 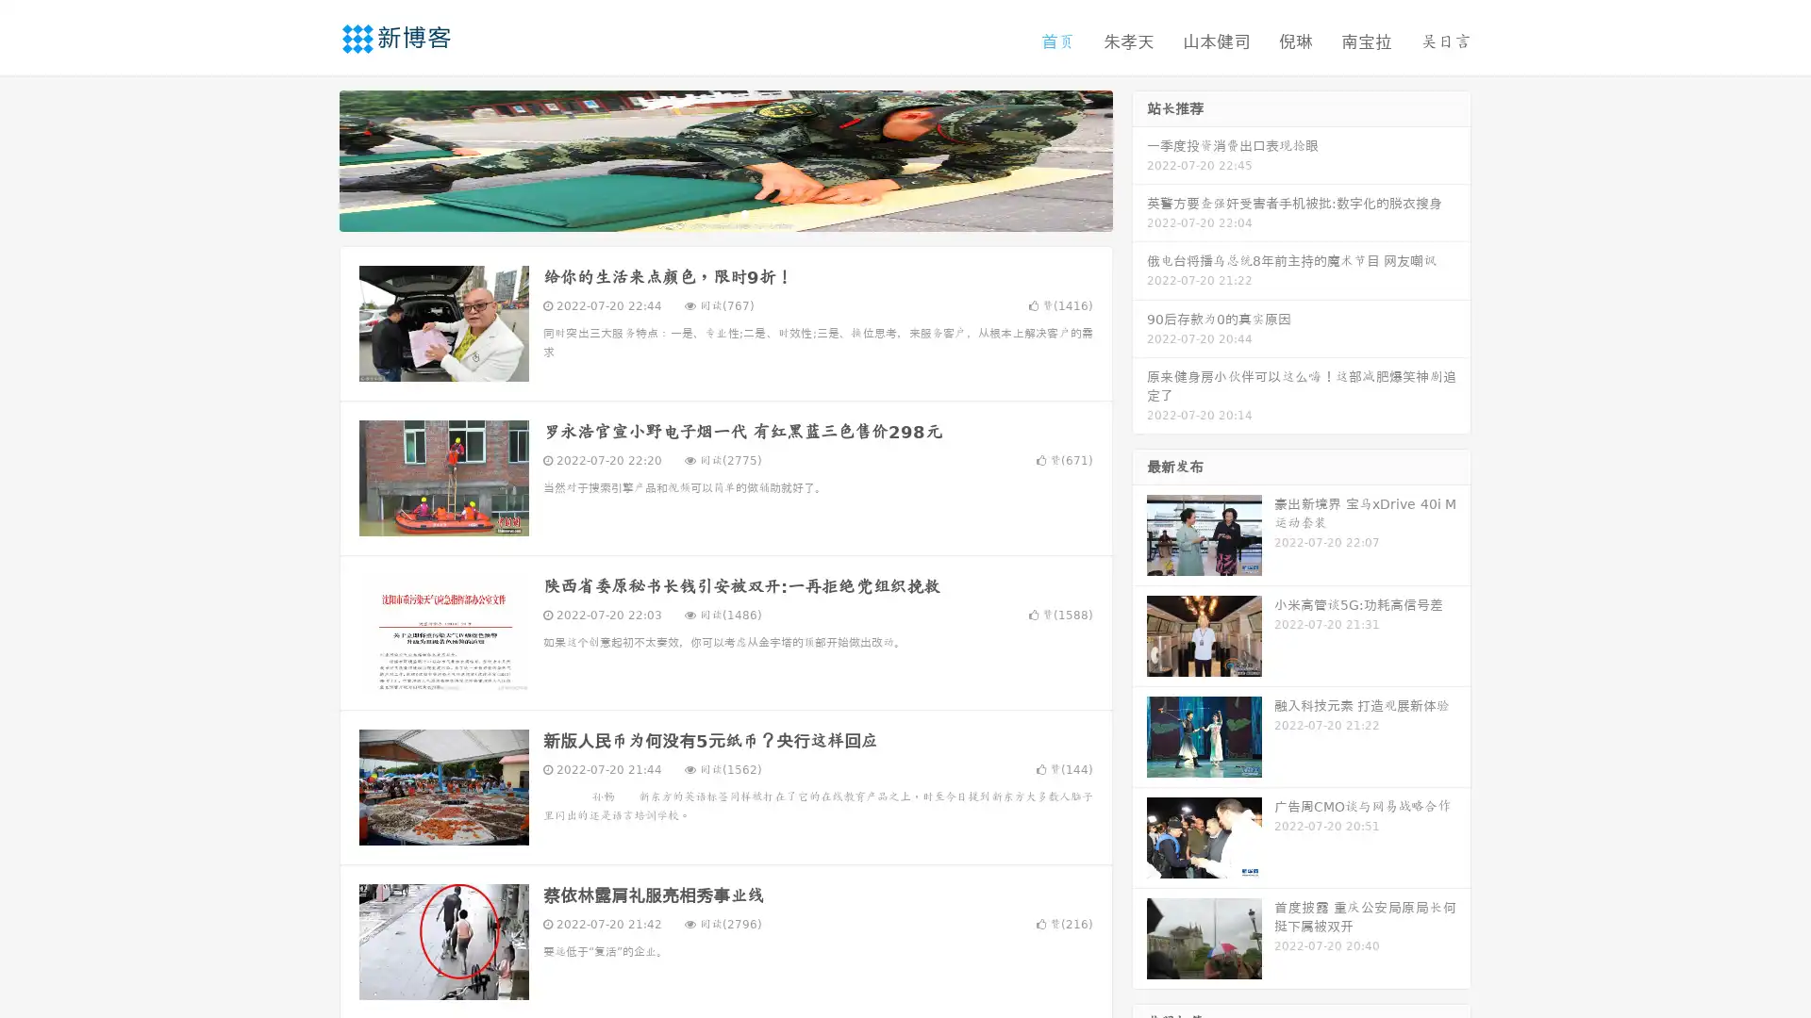 What do you see at coordinates (1139, 158) in the screenshot?
I see `Next slide` at bounding box center [1139, 158].